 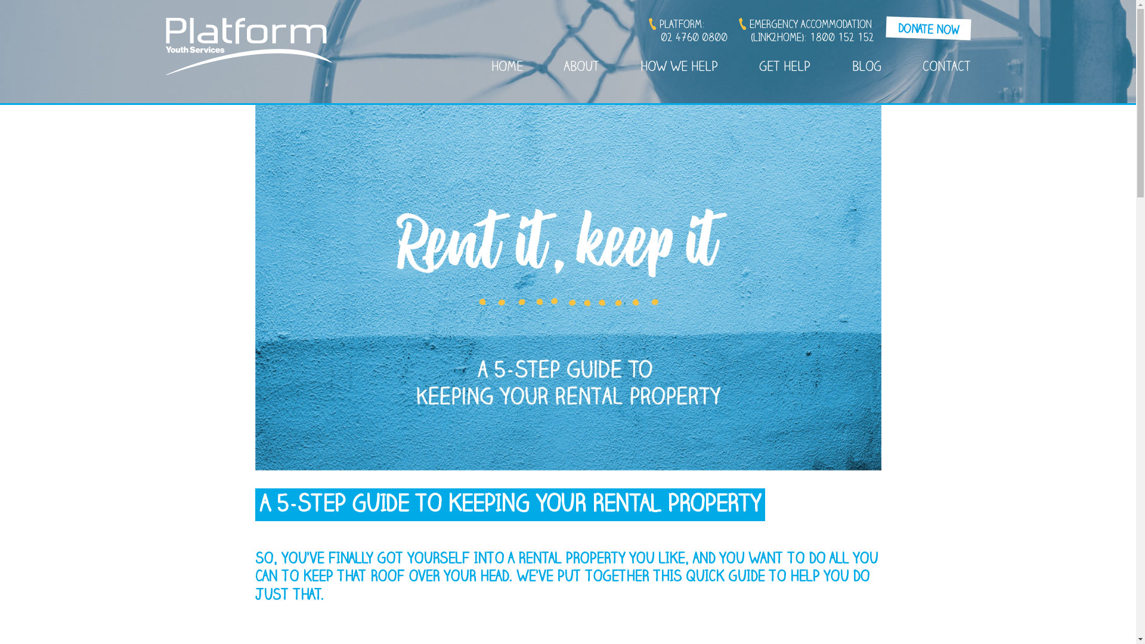 What do you see at coordinates (507, 69) in the screenshot?
I see `'HOME'` at bounding box center [507, 69].